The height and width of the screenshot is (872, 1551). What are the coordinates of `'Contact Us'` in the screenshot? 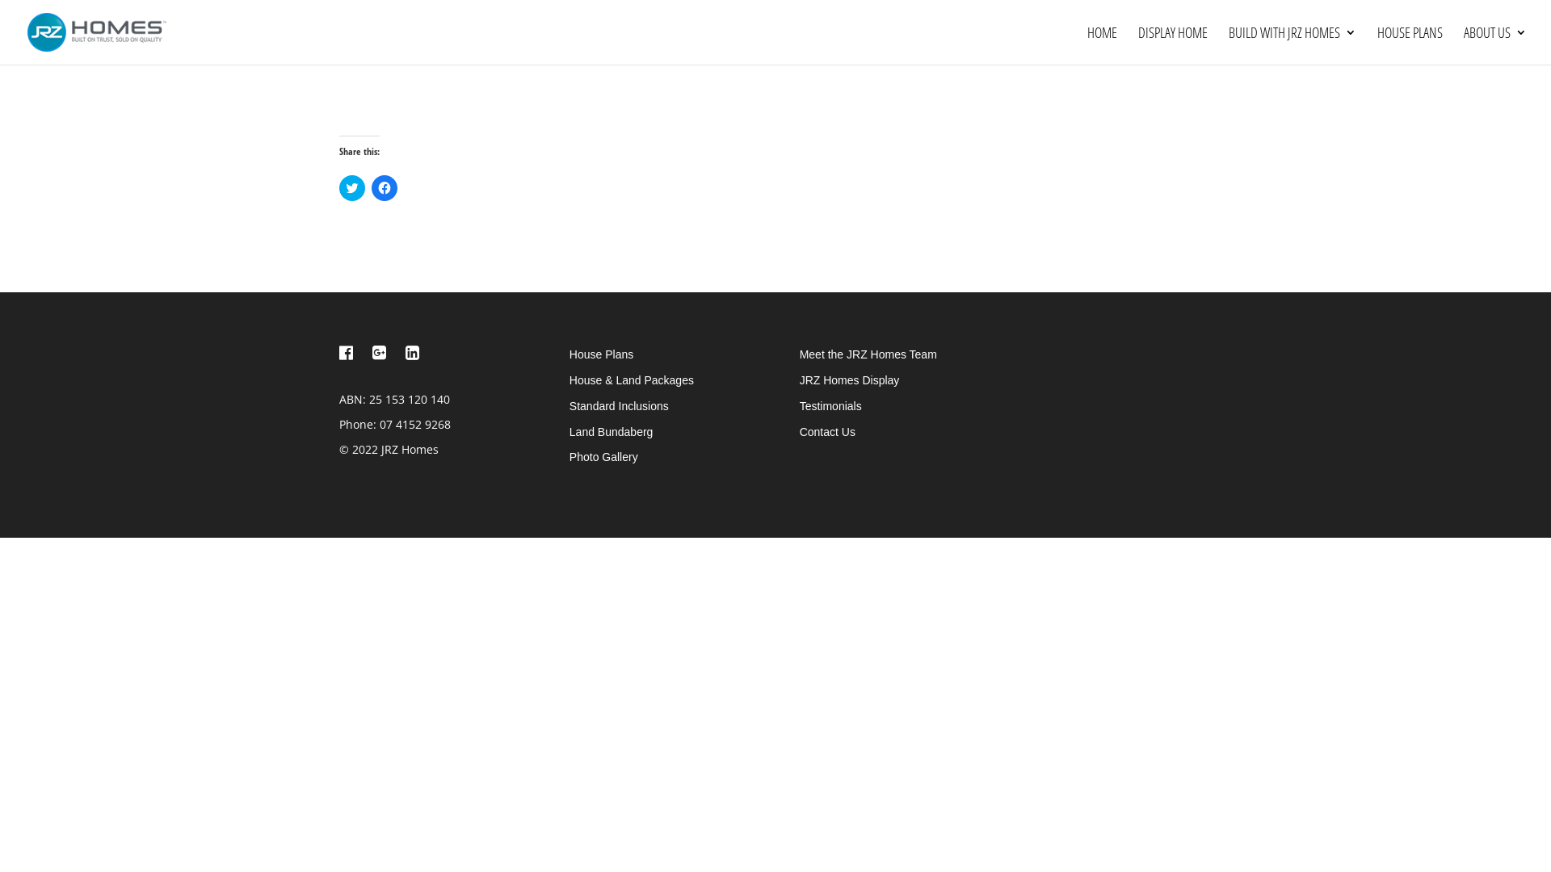 It's located at (827, 431).